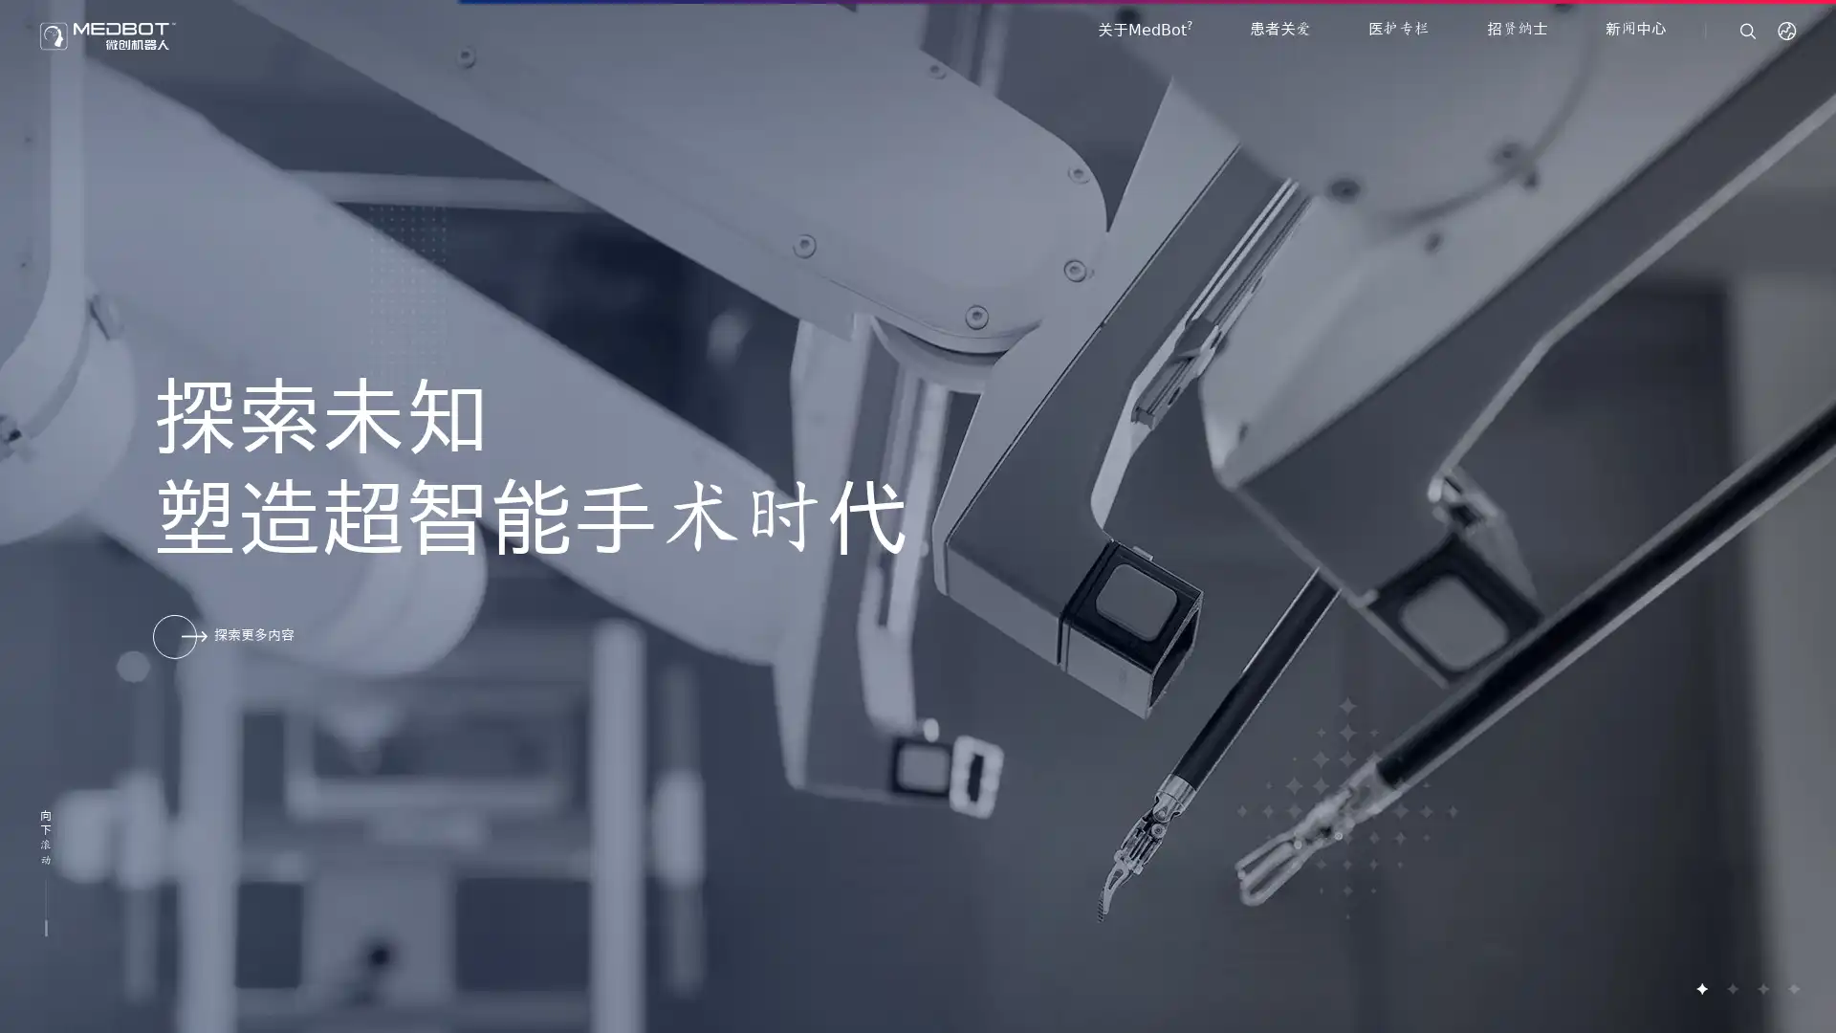  Describe the element at coordinates (1761, 988) in the screenshot. I see `Go to slide 3` at that location.